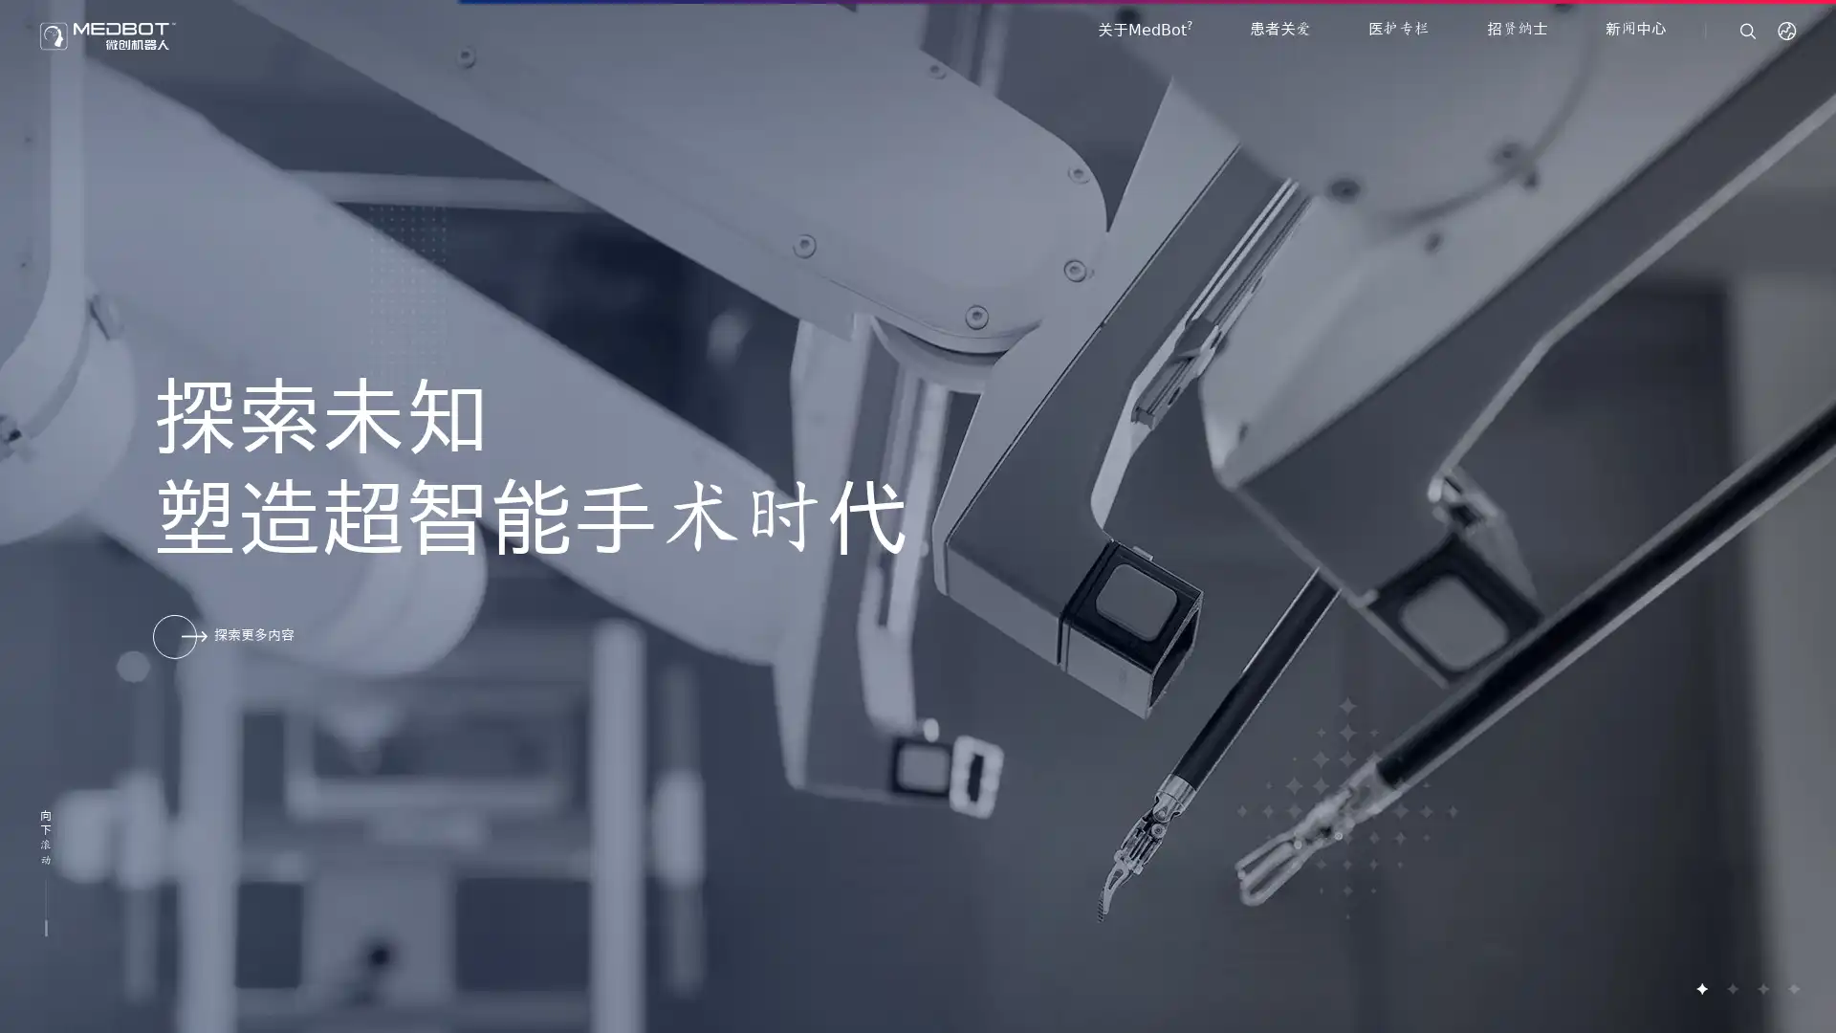  Describe the element at coordinates (1761, 988) in the screenshot. I see `Go to slide 3` at that location.